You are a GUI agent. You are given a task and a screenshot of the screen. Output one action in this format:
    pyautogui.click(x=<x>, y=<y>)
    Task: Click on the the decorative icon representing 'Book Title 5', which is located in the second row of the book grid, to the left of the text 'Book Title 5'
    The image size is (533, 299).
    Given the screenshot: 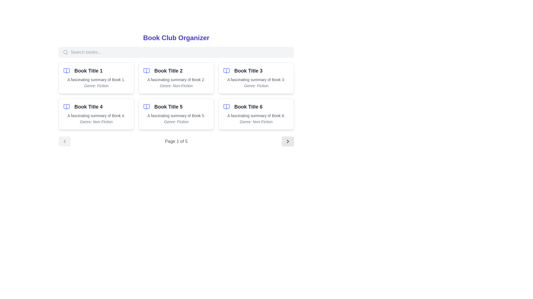 What is the action you would take?
    pyautogui.click(x=147, y=107)
    